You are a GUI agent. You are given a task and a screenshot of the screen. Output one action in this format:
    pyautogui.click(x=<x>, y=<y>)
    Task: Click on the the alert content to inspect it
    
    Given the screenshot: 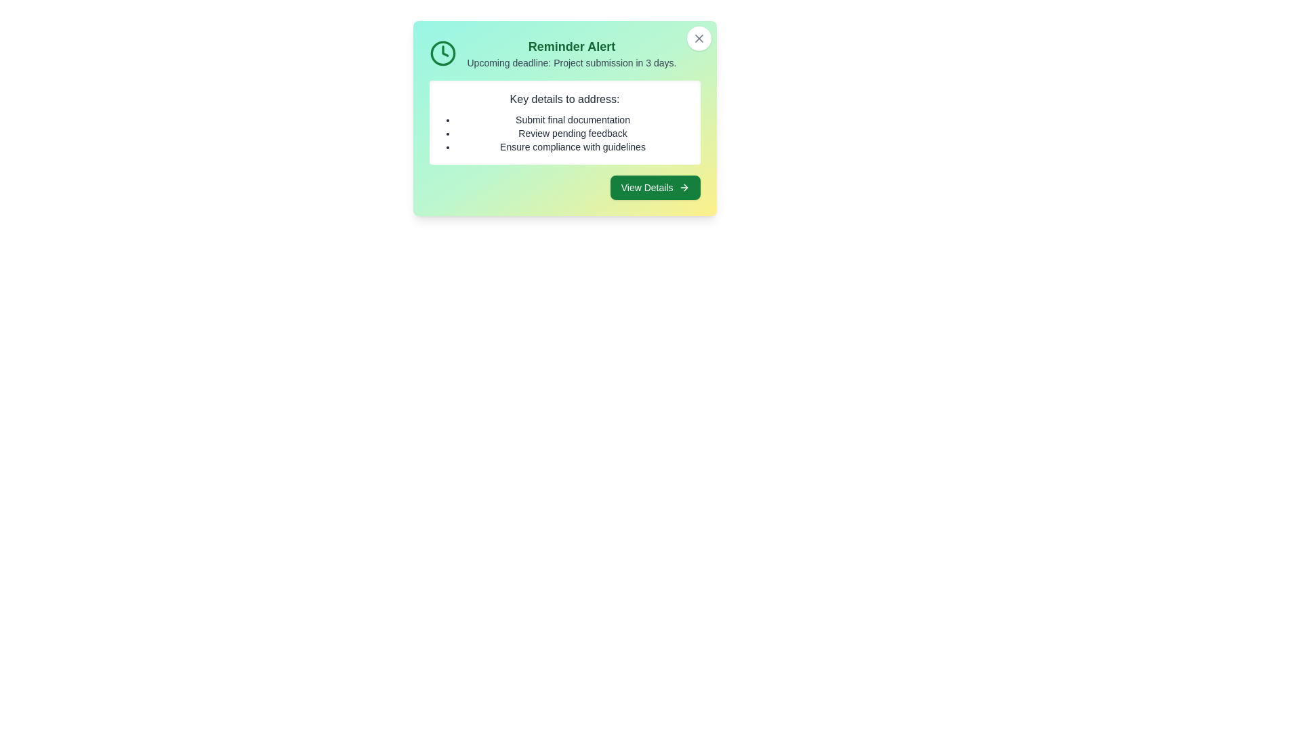 What is the action you would take?
    pyautogui.click(x=564, y=117)
    